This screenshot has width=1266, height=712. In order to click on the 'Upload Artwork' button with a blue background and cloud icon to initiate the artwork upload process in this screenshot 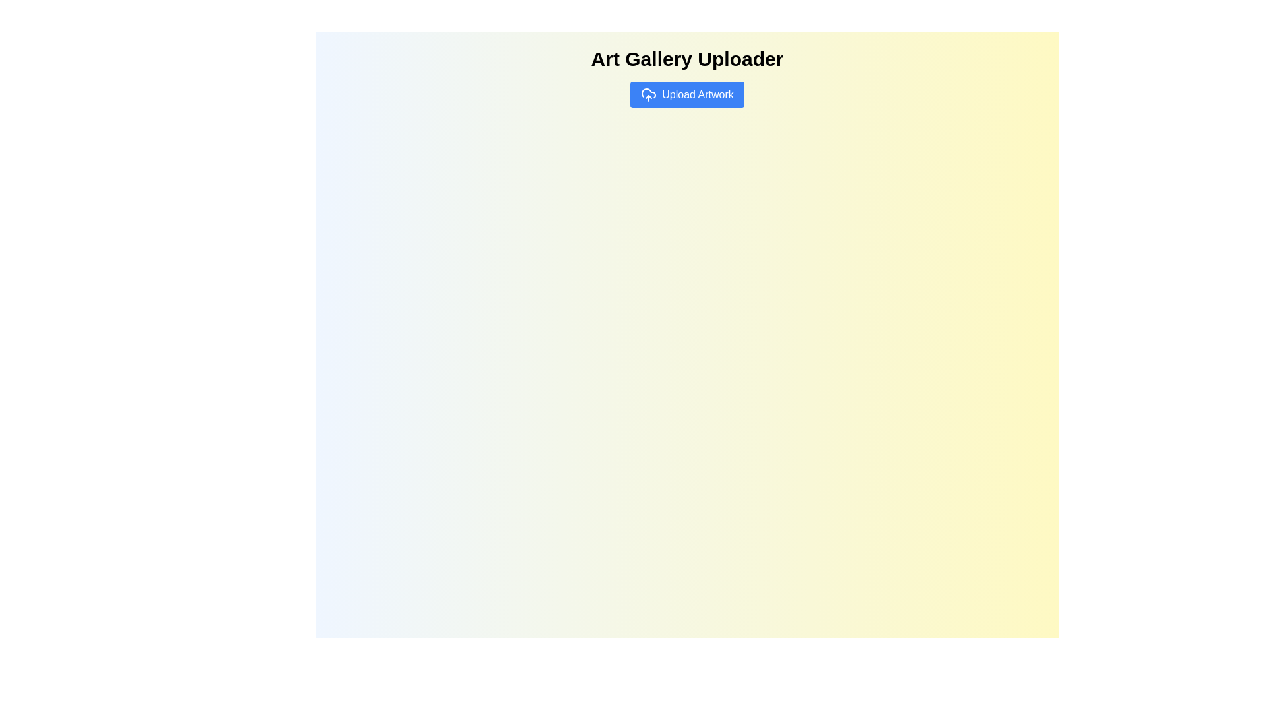, I will do `click(686, 94)`.